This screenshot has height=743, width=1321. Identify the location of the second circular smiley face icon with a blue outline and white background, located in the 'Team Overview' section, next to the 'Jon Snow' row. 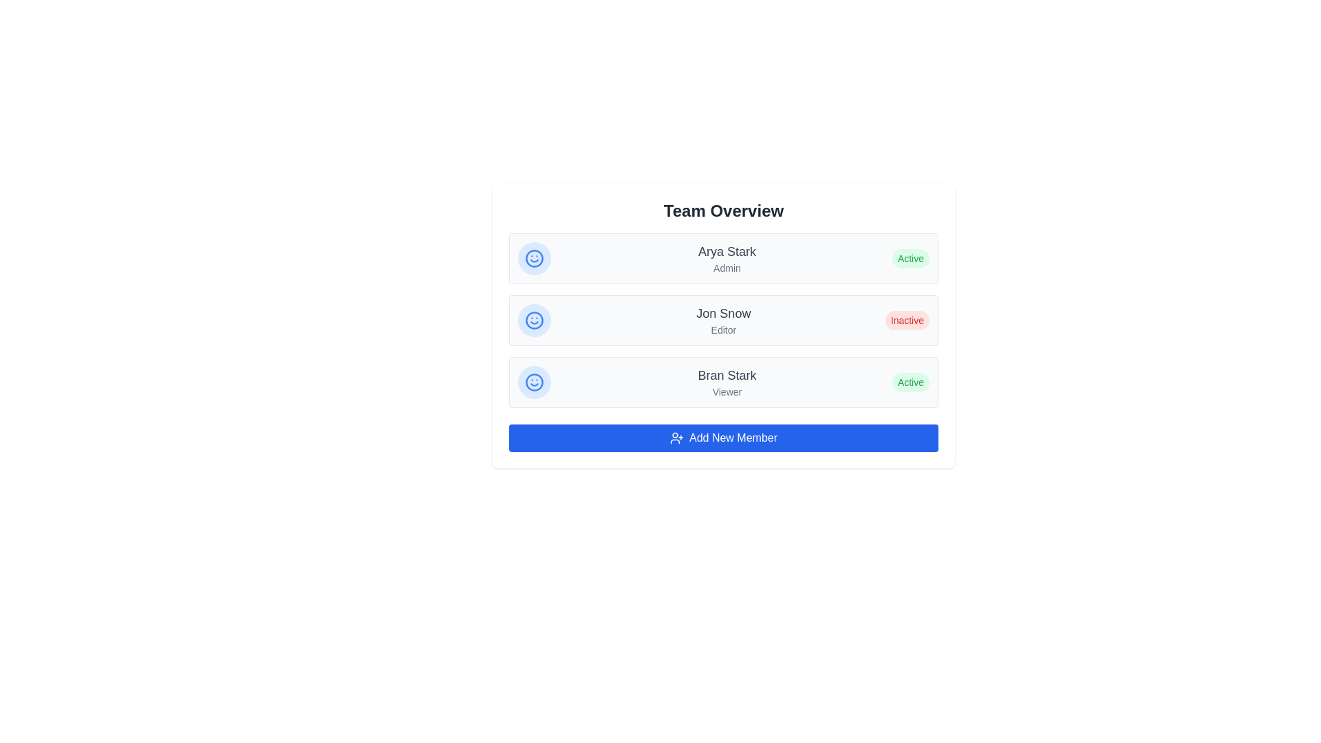
(534, 321).